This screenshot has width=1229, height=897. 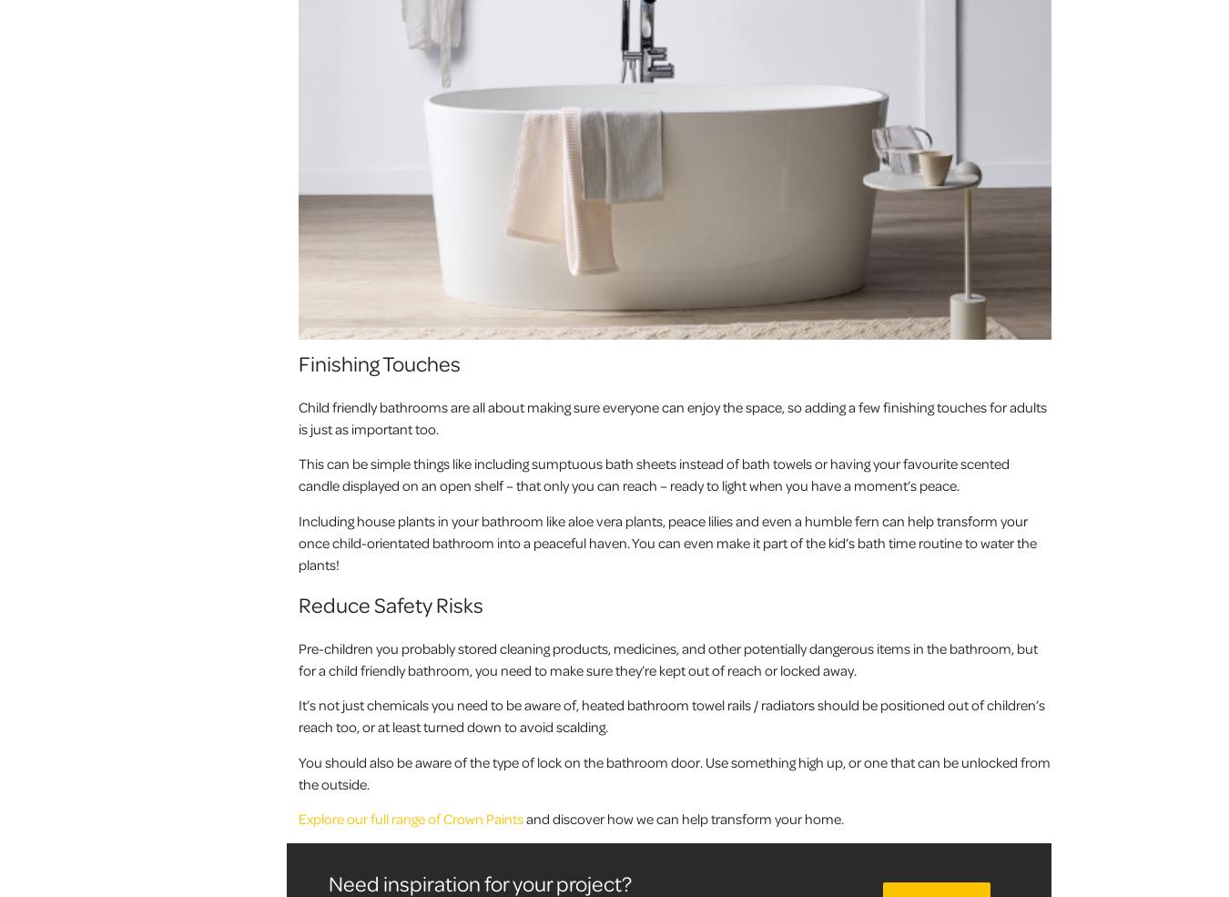 What do you see at coordinates (298, 819) in the screenshot?
I see `'Explore our full range of Crown Paints'` at bounding box center [298, 819].